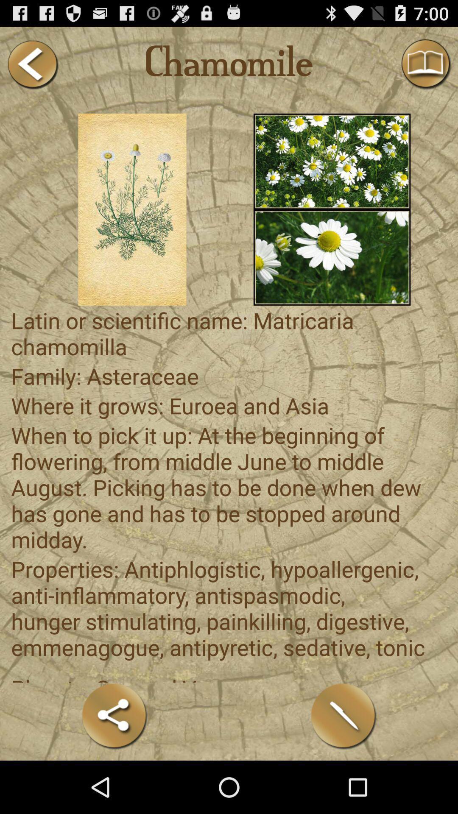 The height and width of the screenshot is (814, 458). What do you see at coordinates (32, 64) in the screenshot?
I see `the icon to the left of the chamomile` at bounding box center [32, 64].